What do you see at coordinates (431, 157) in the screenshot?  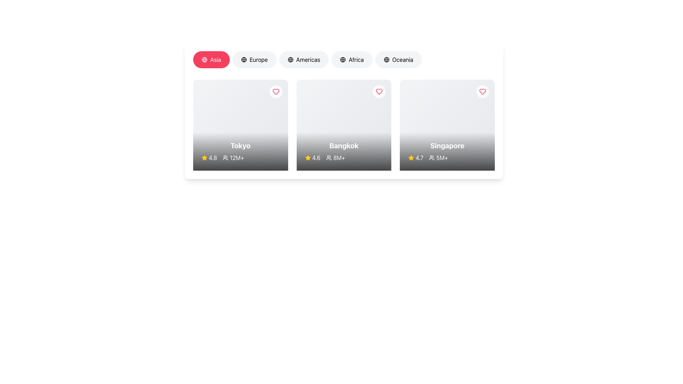 I see `the user icon adjacent to the '5M+' text in the lower portion of the Singapore card` at bounding box center [431, 157].